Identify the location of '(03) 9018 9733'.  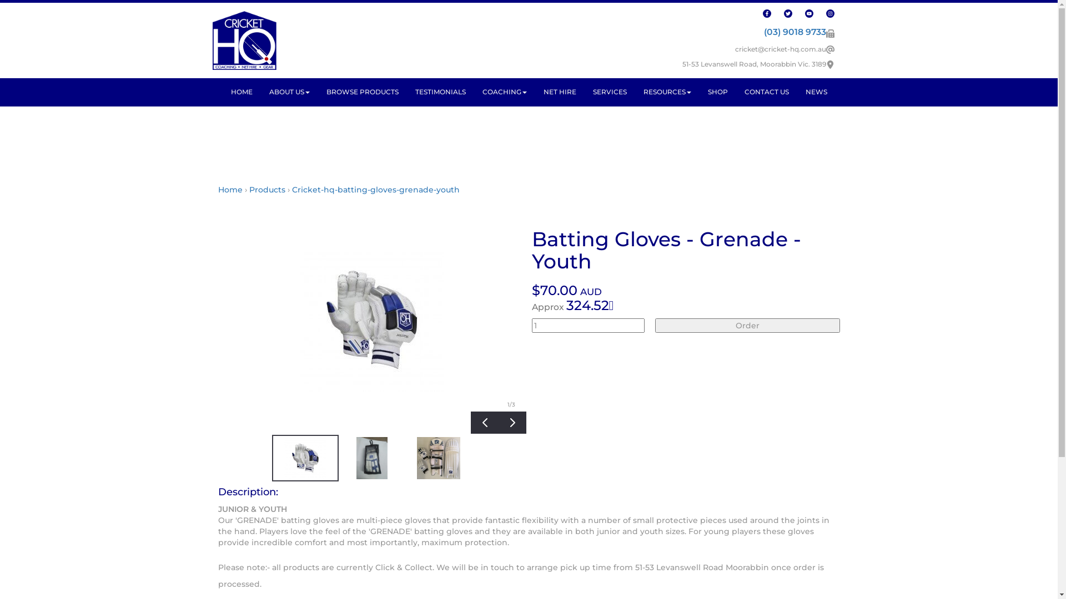
(794, 31).